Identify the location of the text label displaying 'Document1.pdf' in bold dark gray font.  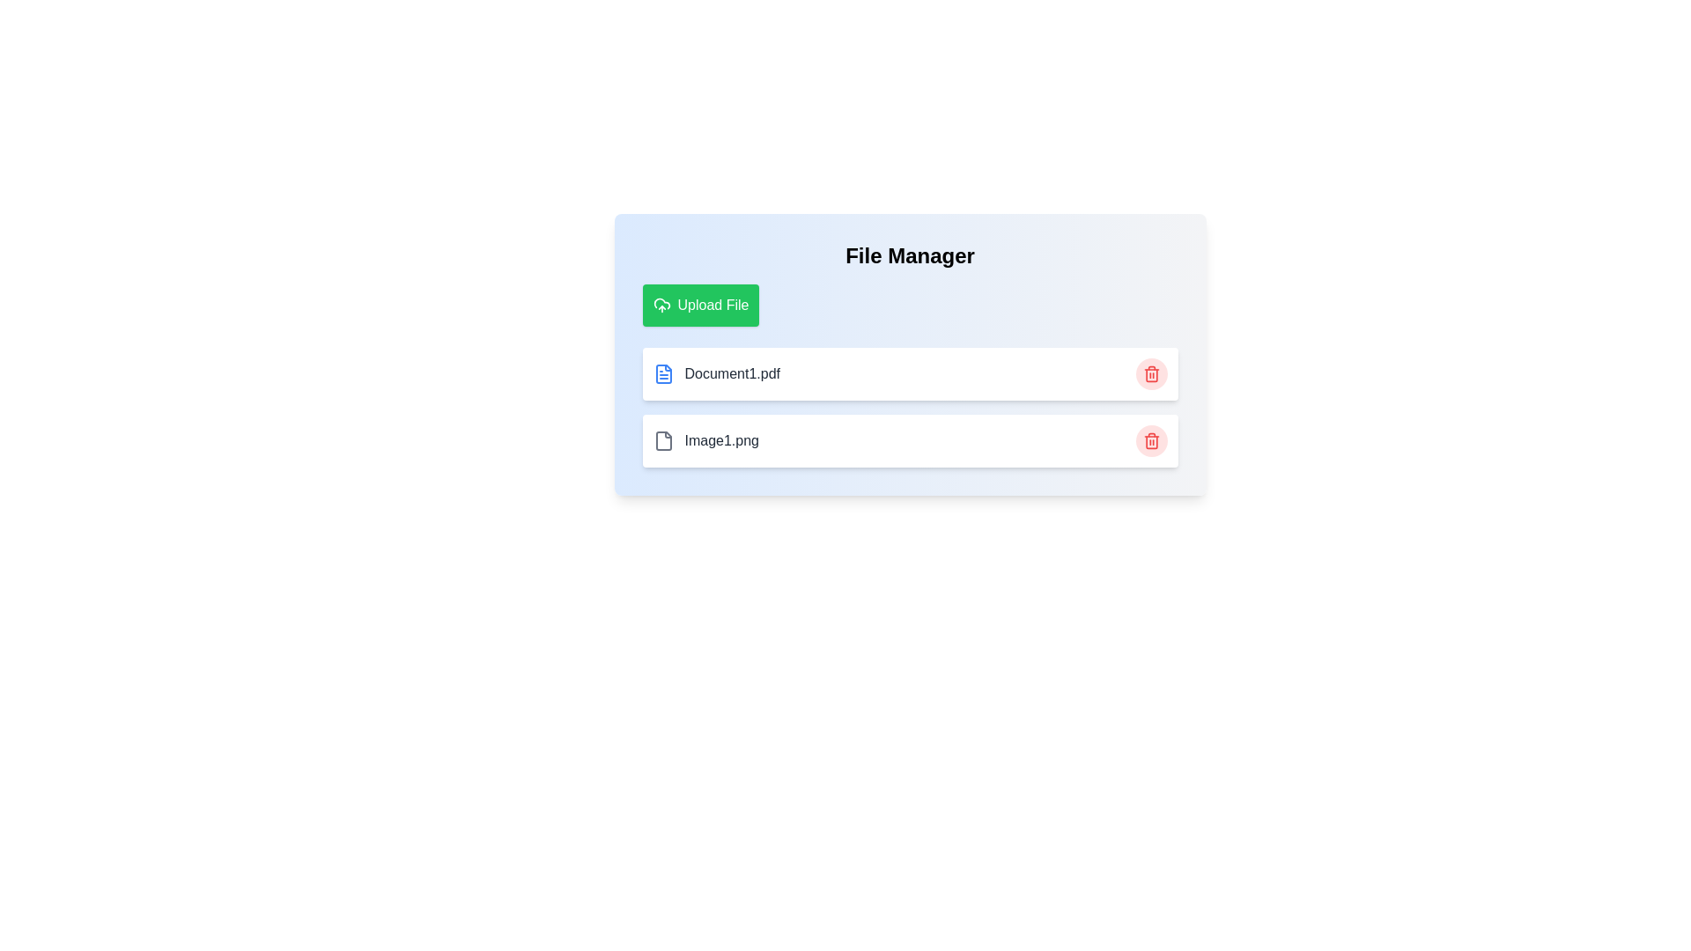
(732, 372).